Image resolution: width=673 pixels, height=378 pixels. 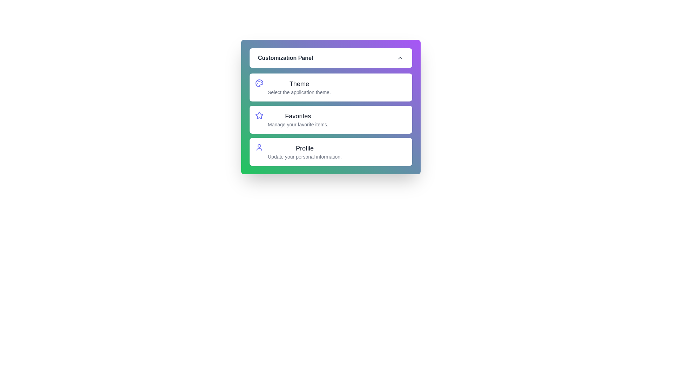 I want to click on the Favorites option from the customization panel, so click(x=259, y=119).